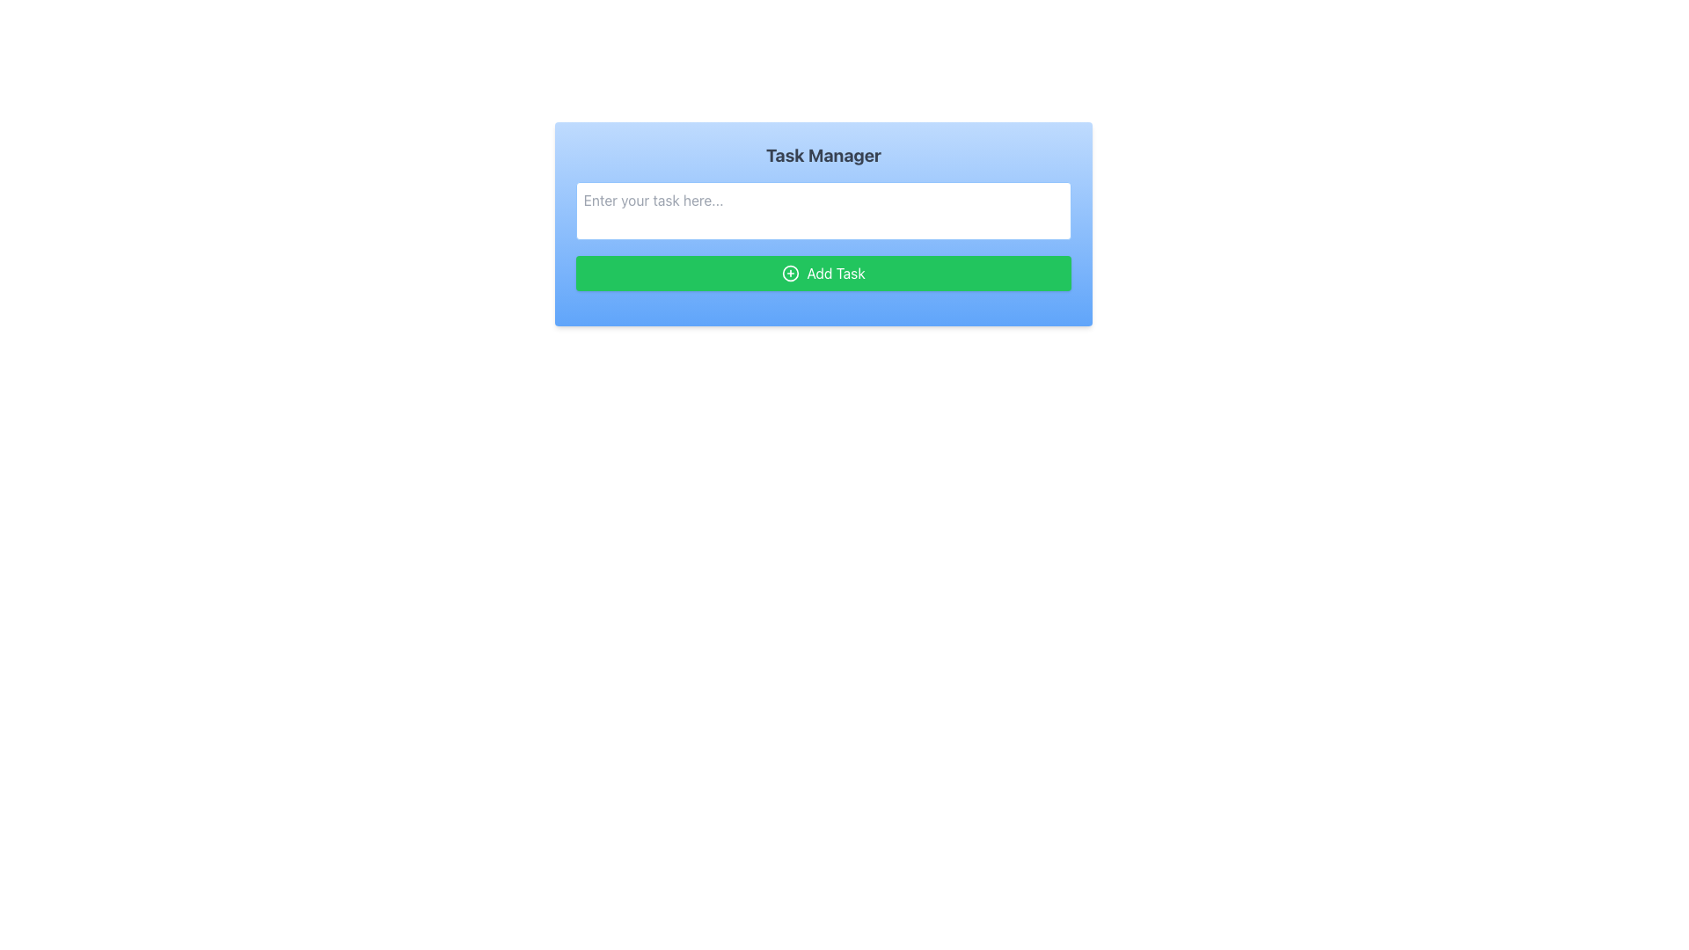 The height and width of the screenshot is (950, 1689). Describe the element at coordinates (823, 274) in the screenshot. I see `the 'Add Task' button located centrally at the bottom of the 'Task Manager' section` at that location.